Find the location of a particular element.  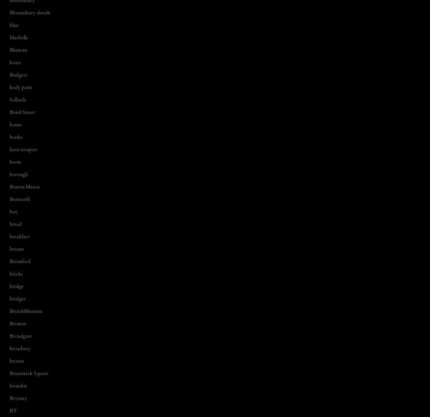

'broadway' is located at coordinates (20, 348).